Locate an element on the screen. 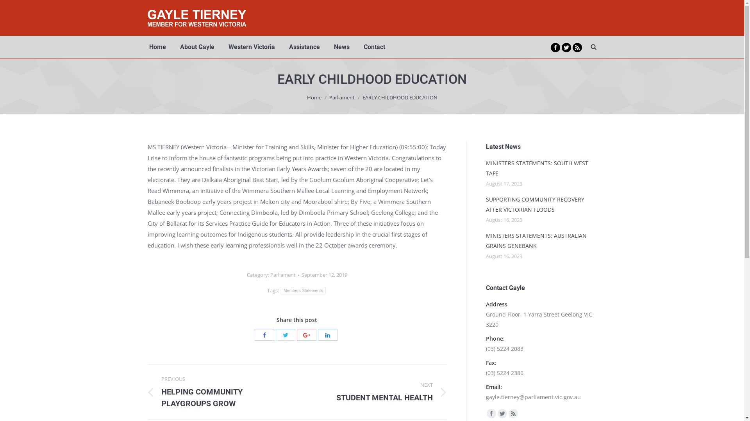 This screenshot has height=421, width=750. 'Parliament' is located at coordinates (329, 97).